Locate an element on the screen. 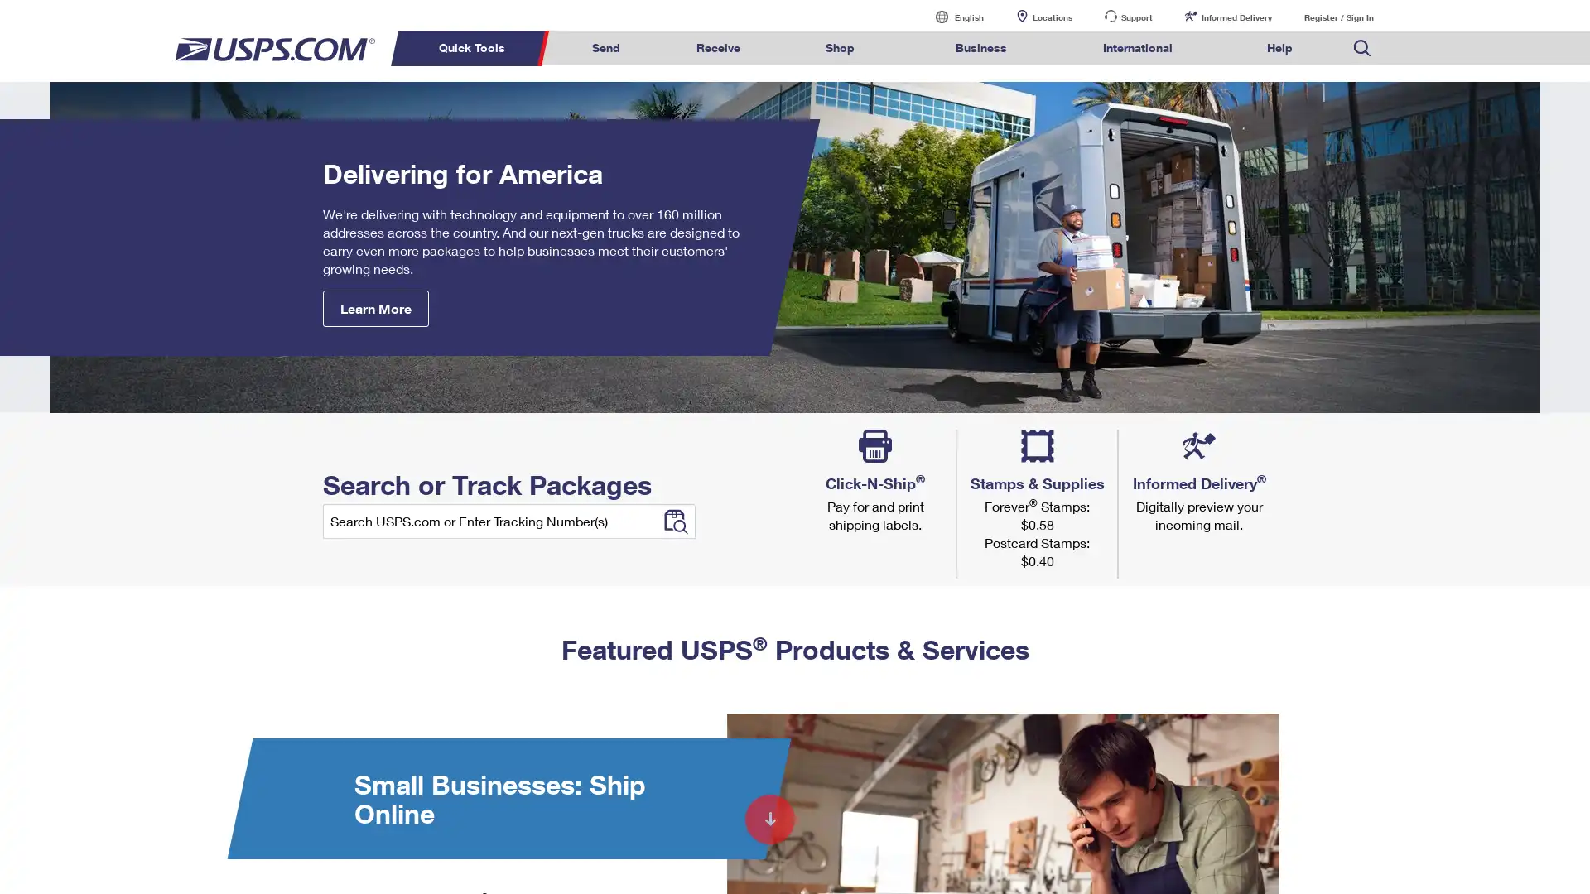 This screenshot has width=1590, height=894. Search is located at coordinates (674, 520).